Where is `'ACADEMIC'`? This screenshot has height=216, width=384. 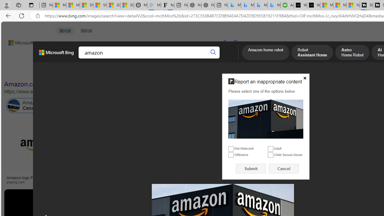 'ACADEMIC' is located at coordinates (164, 58).